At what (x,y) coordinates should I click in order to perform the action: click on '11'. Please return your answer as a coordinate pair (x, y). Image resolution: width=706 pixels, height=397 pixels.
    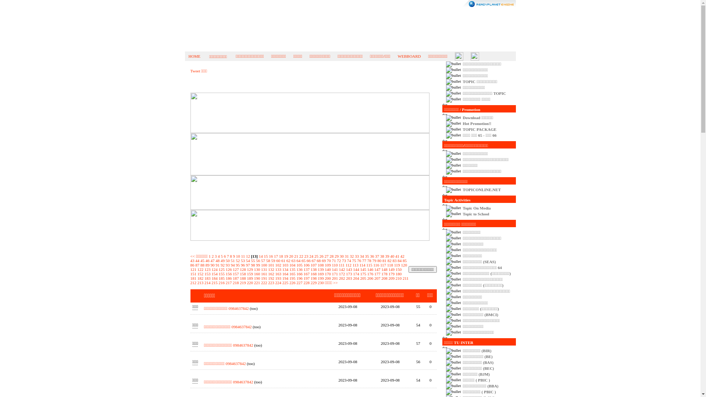
    Looking at the image, I should click on (243, 256).